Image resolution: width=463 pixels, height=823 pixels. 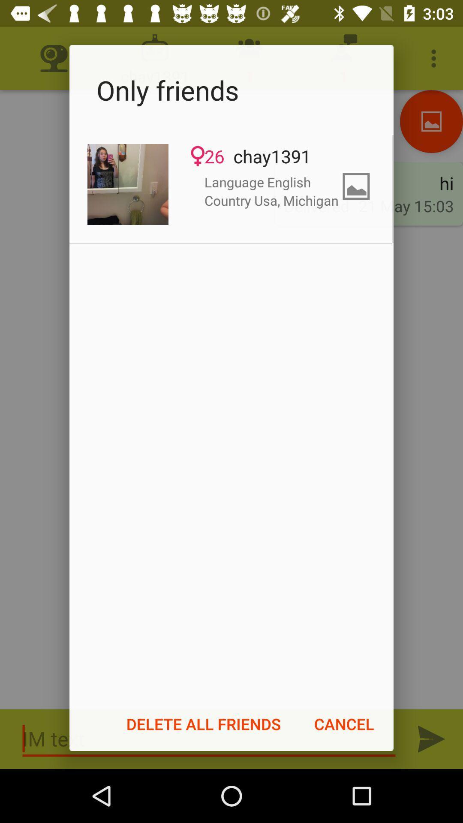 I want to click on item next to cancel, so click(x=204, y=724).